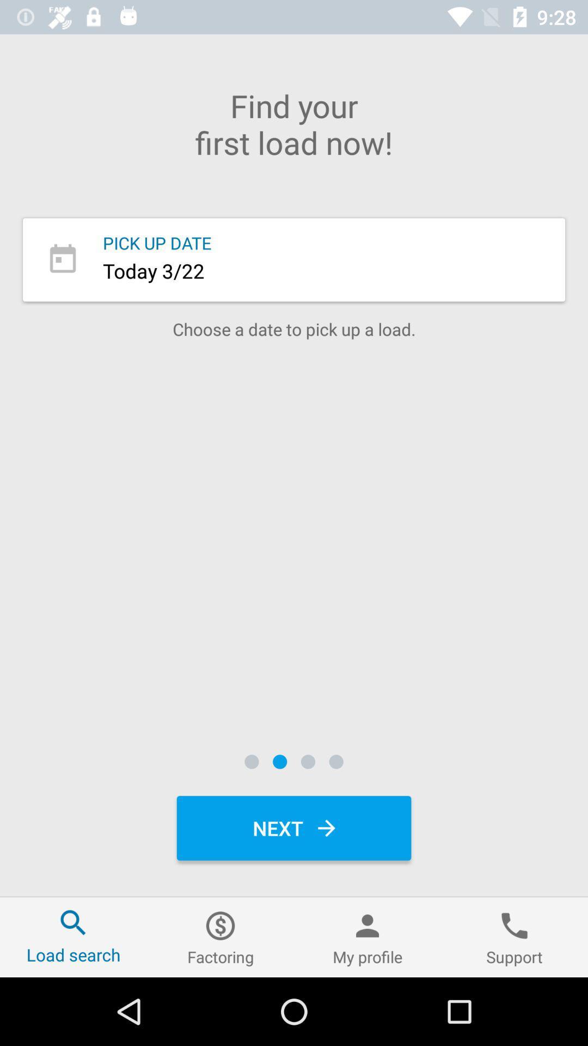  I want to click on next, so click(294, 828).